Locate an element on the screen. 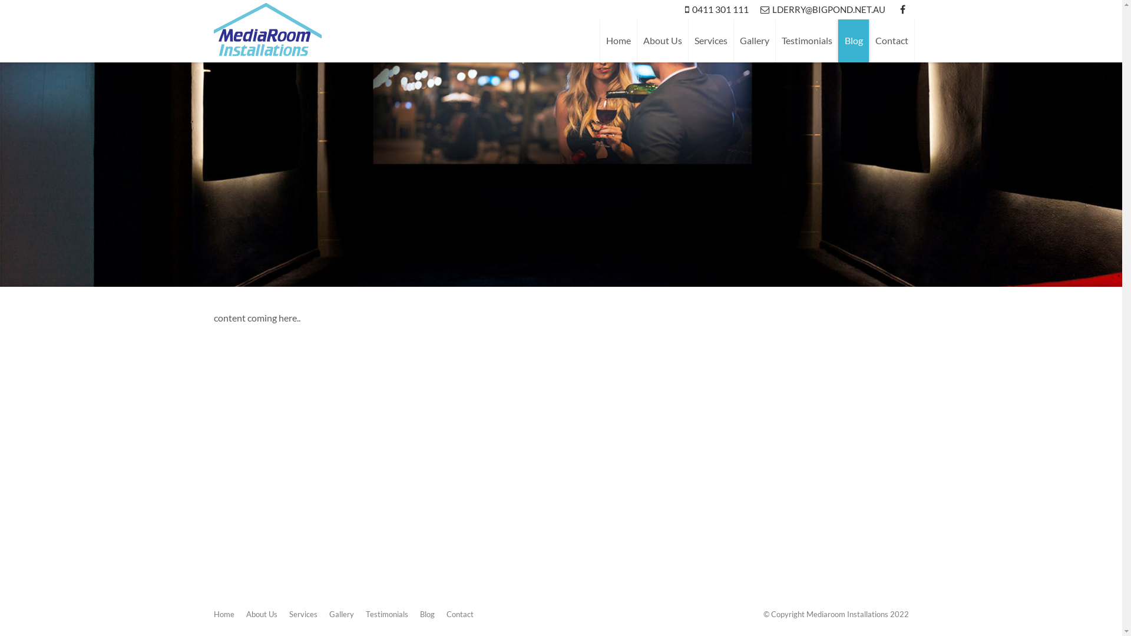  'Contact' is located at coordinates (459, 613).